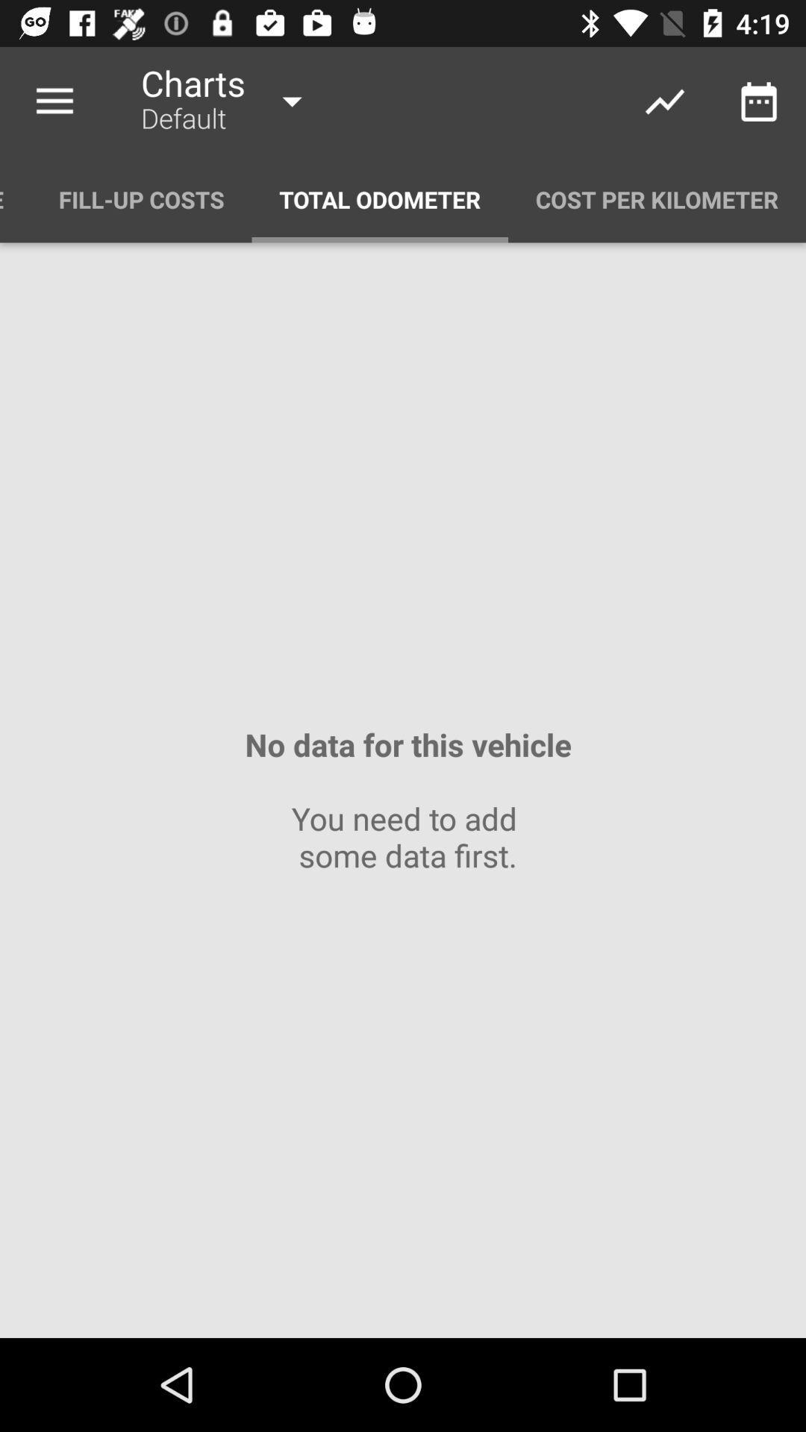 This screenshot has height=1432, width=806. I want to click on icon next to gas price icon, so click(141, 198).